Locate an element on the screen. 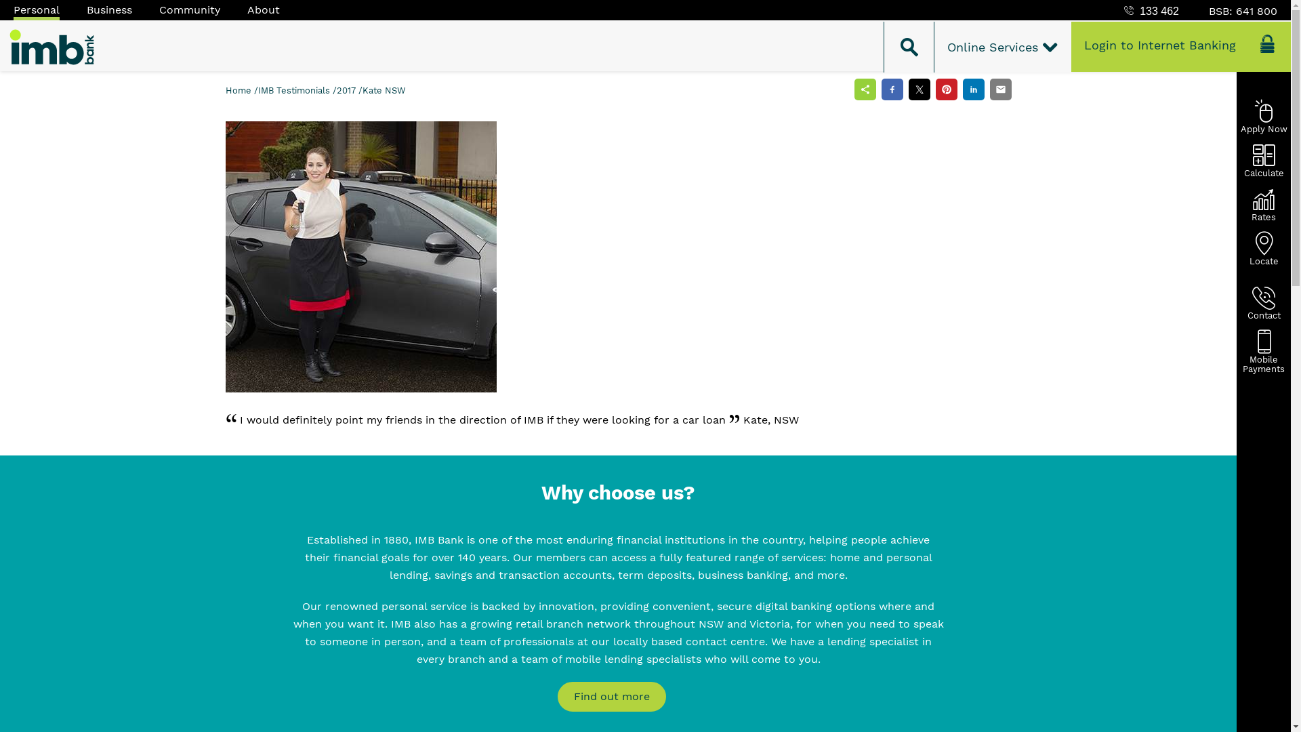 This screenshot has width=1301, height=732. 'Home' is located at coordinates (239, 90).